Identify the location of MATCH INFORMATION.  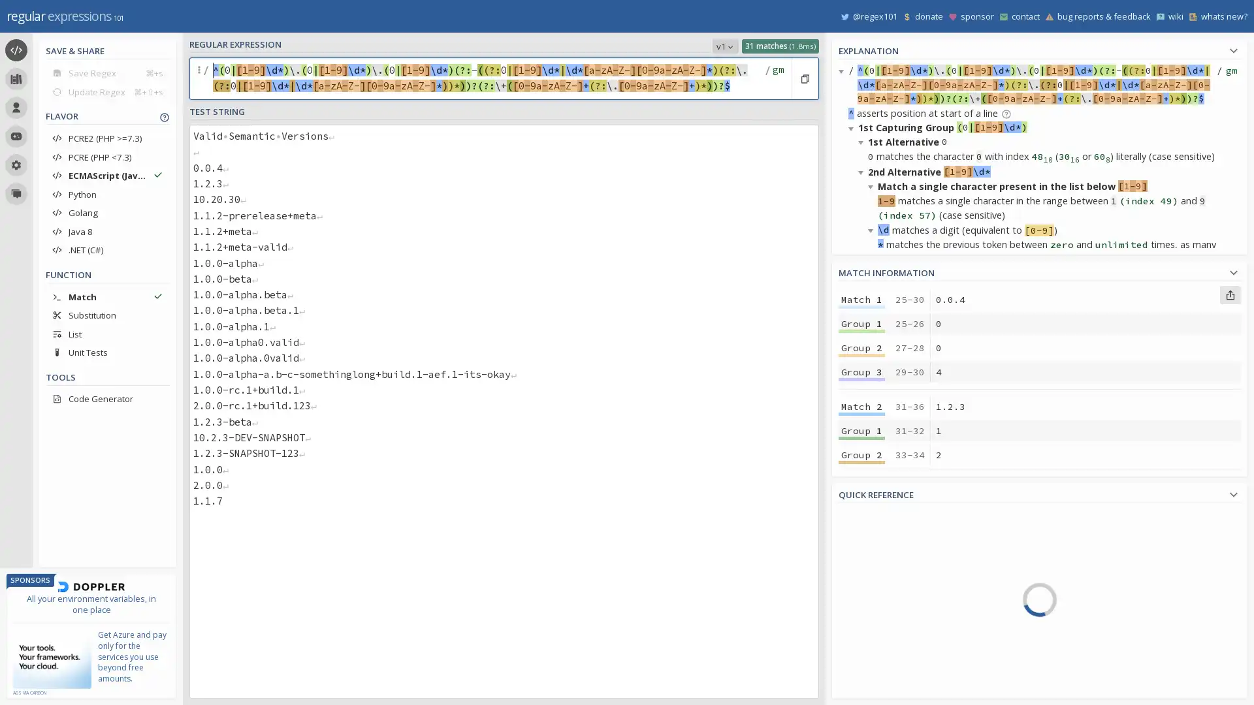
(1039, 270).